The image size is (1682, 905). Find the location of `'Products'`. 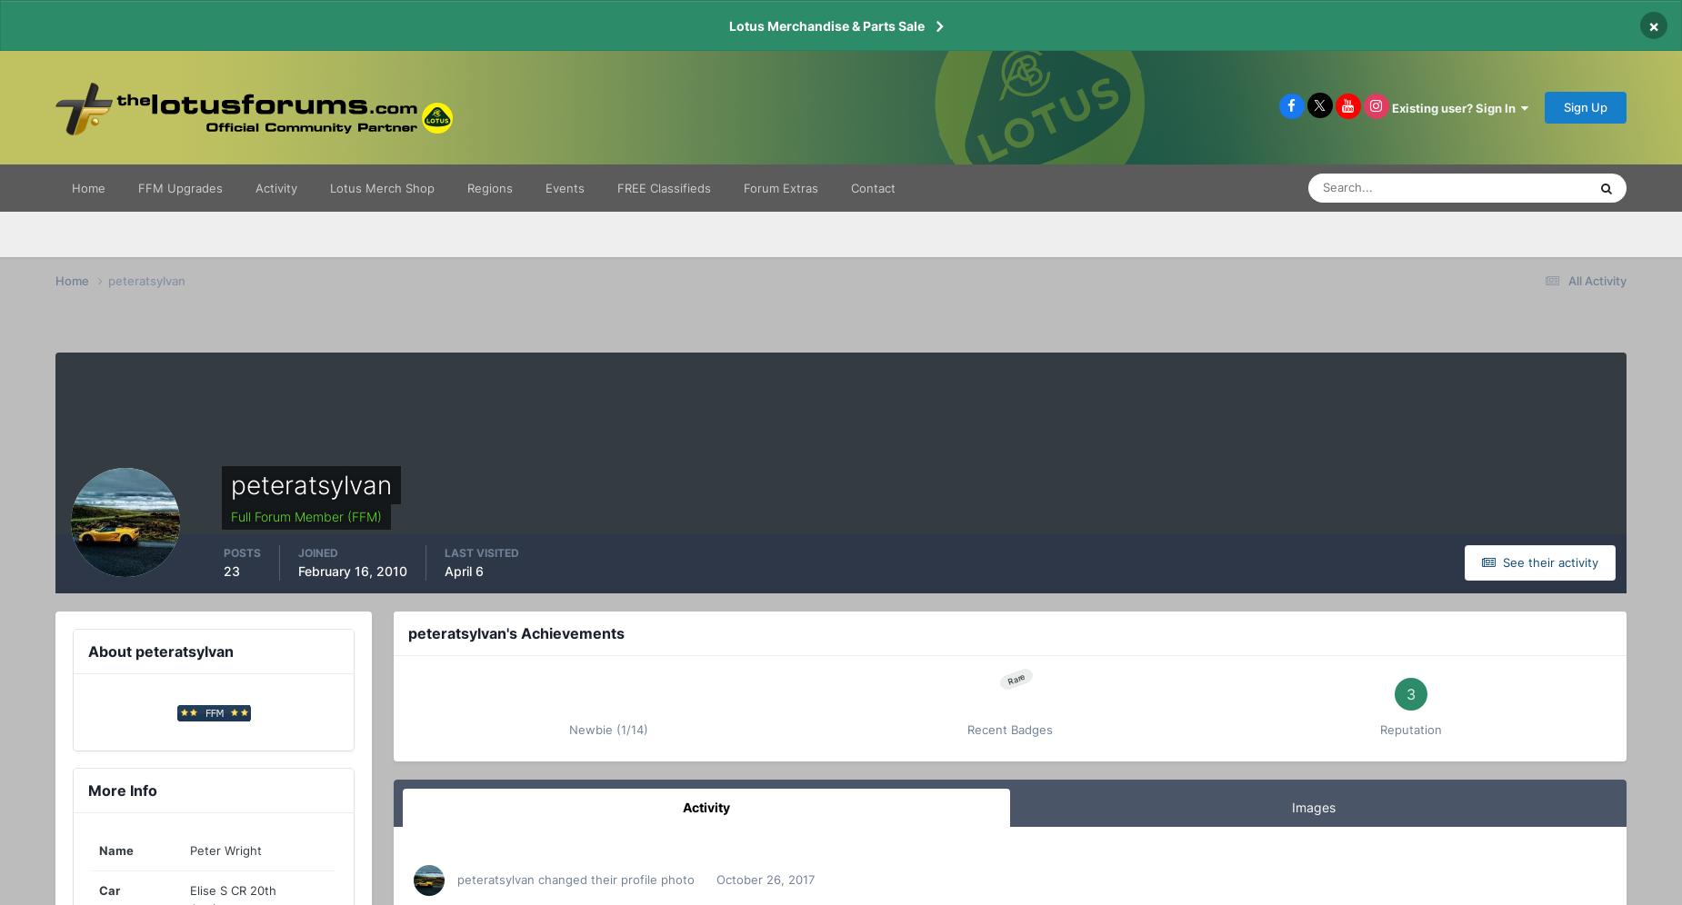

'Products' is located at coordinates (1448, 343).